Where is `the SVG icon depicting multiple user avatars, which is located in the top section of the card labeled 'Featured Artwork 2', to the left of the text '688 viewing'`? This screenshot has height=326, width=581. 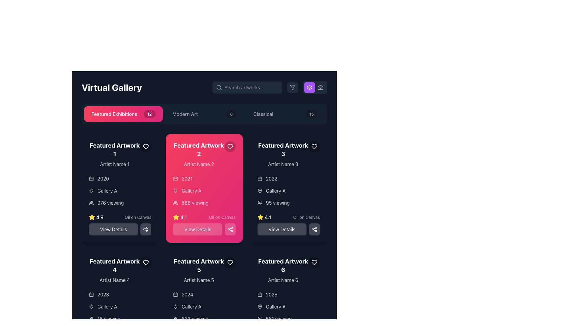
the SVG icon depicting multiple user avatars, which is located in the top section of the card labeled 'Featured Artwork 2', to the left of the text '688 viewing' is located at coordinates (175, 203).